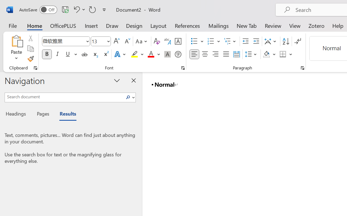  I want to click on 'Superscript', so click(106, 54).